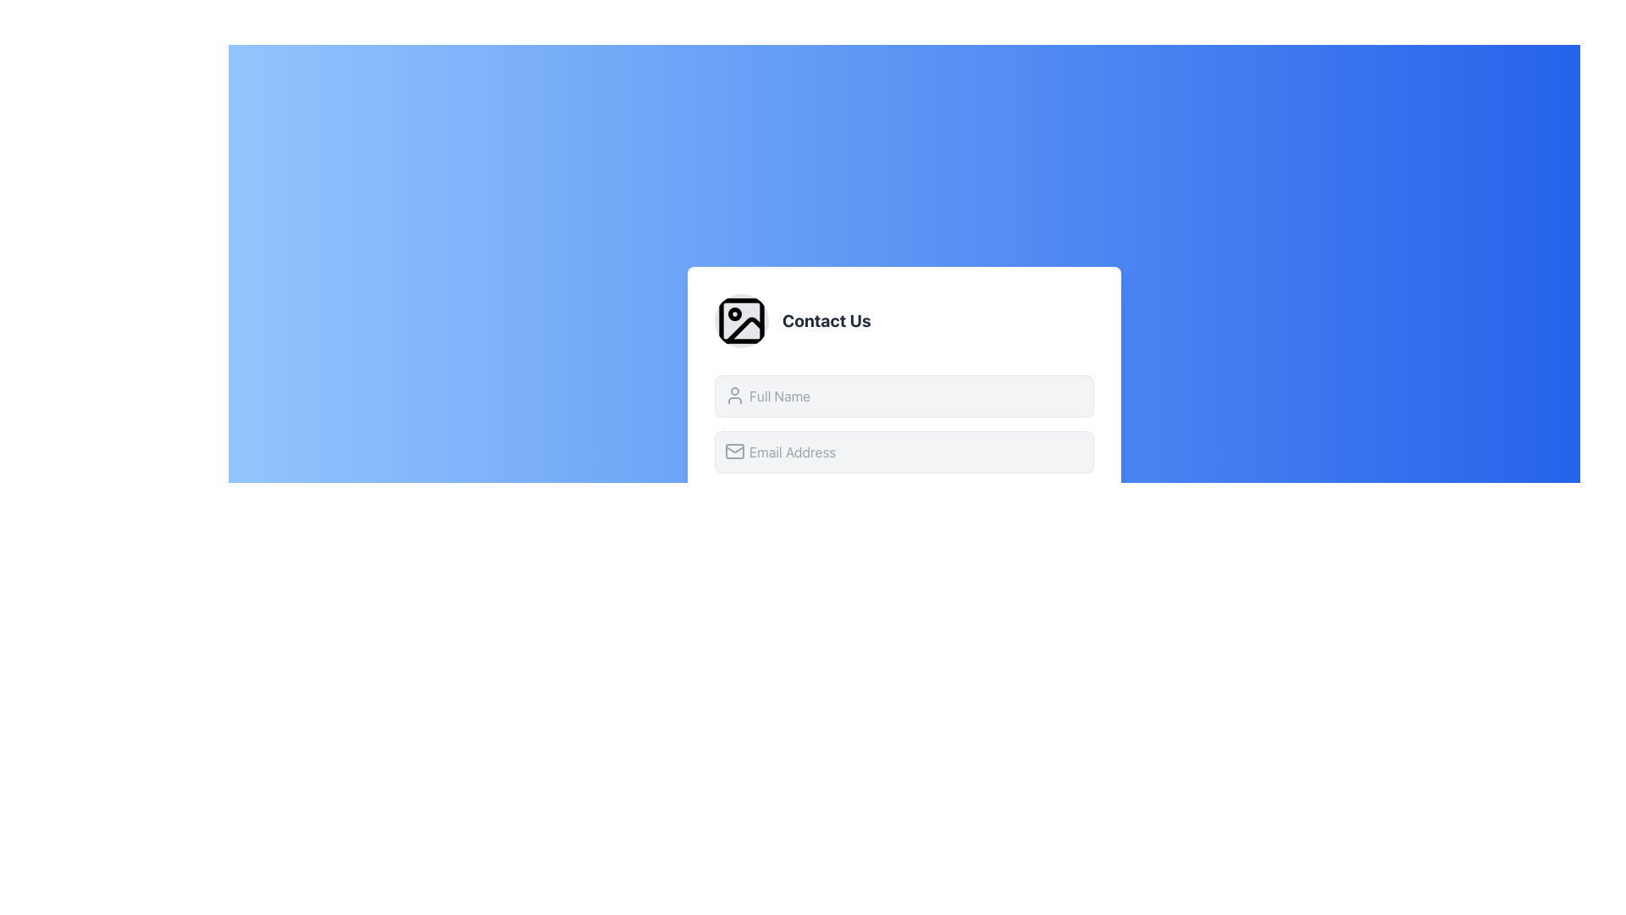  Describe the element at coordinates (827, 320) in the screenshot. I see `bold text label 'Contact Us' that is positioned to the right of a circular image icon` at that location.